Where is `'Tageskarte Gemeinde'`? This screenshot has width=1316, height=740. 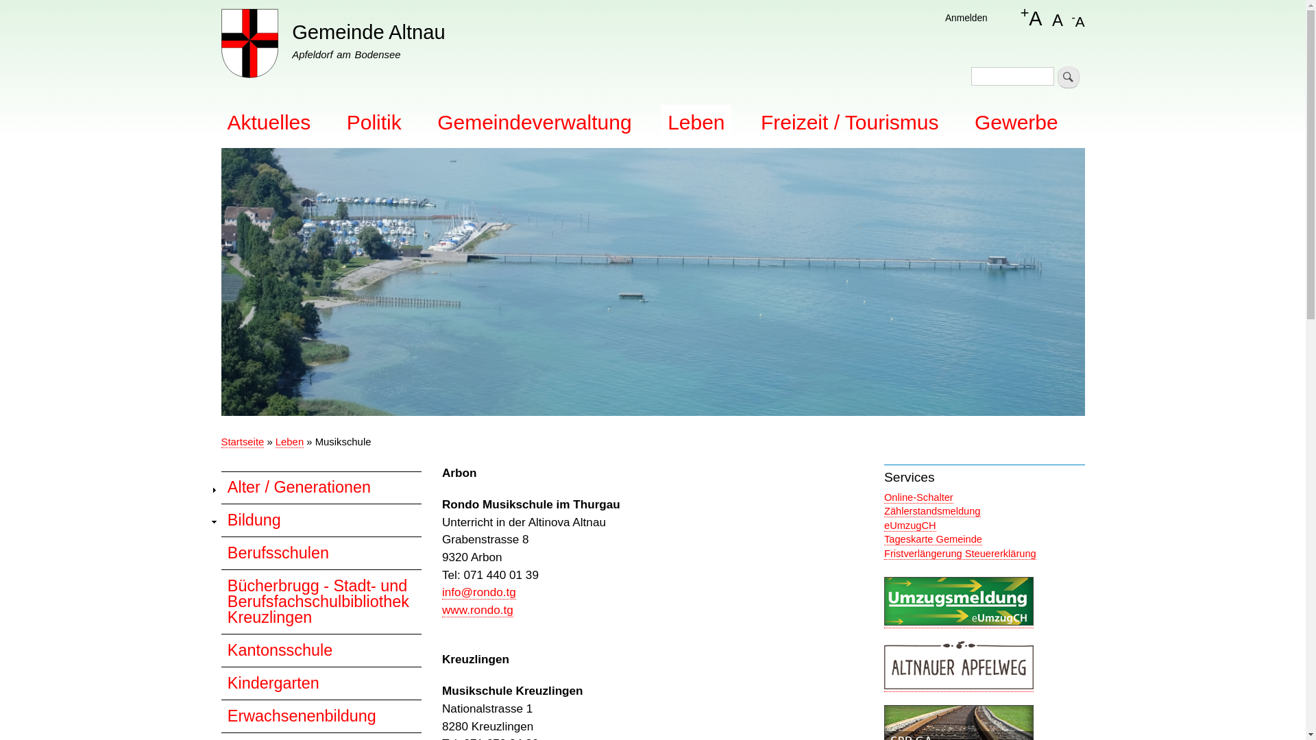
'Tageskarte Gemeinde' is located at coordinates (932, 539).